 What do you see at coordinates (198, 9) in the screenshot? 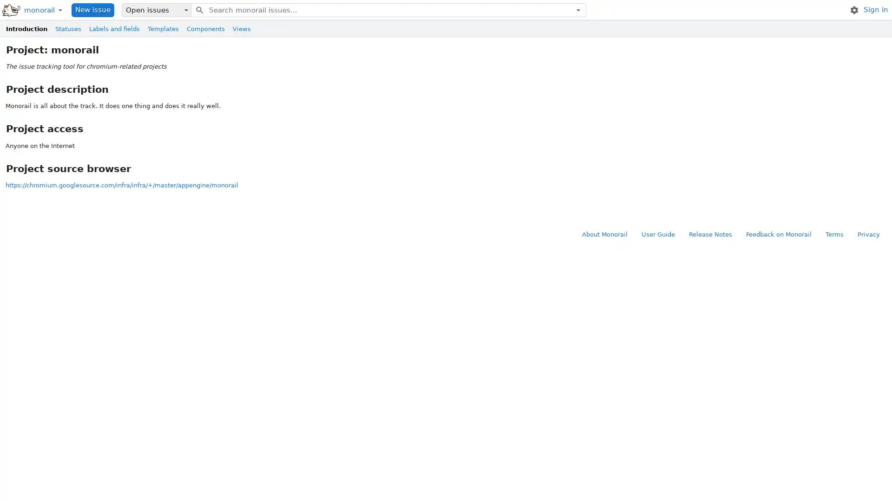
I see `search` at bounding box center [198, 9].